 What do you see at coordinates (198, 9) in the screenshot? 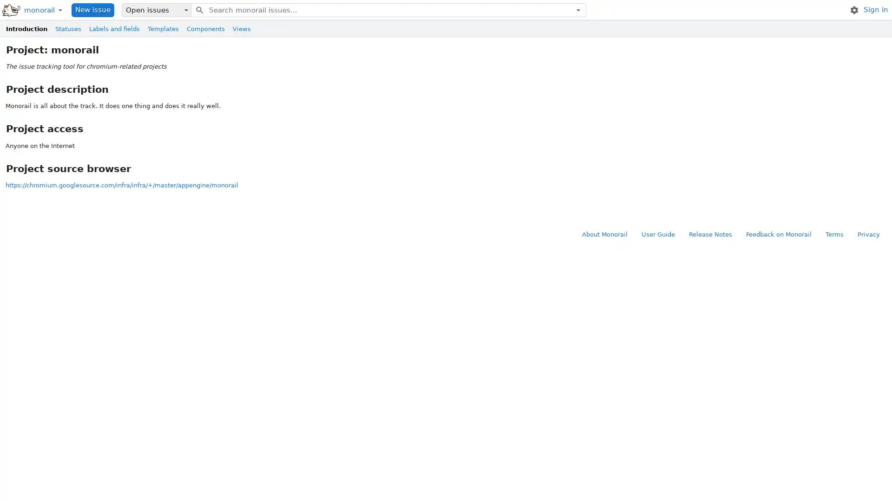
I see `search` at bounding box center [198, 9].